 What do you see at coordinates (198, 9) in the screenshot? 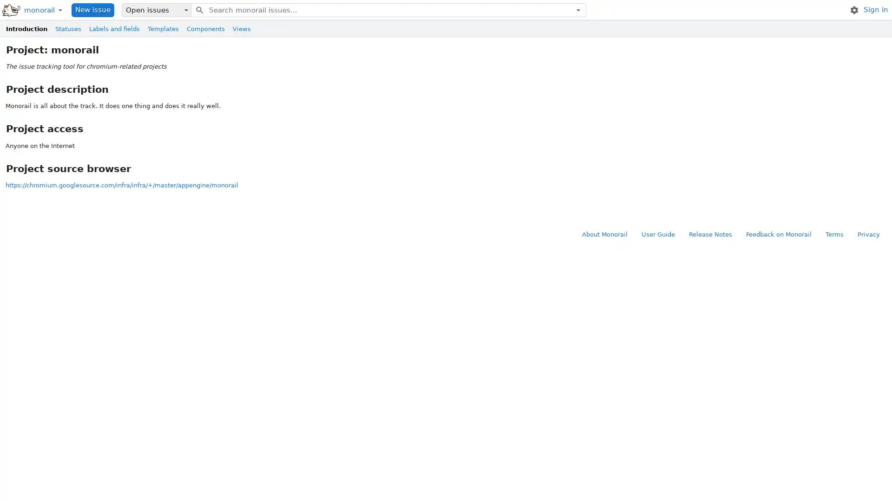
I see `search` at bounding box center [198, 9].